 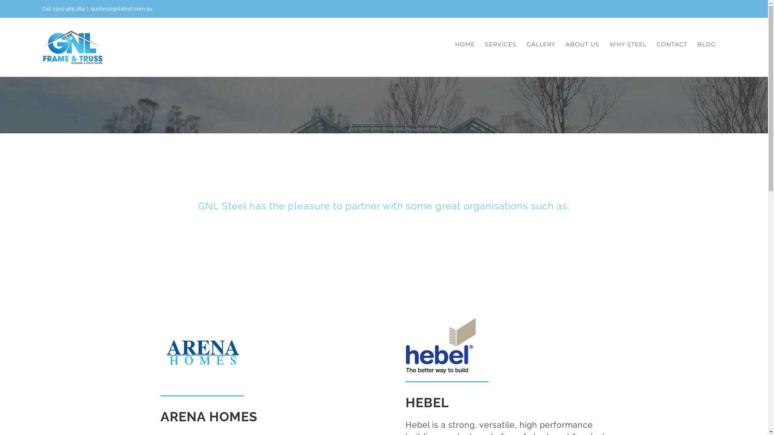 I want to click on 'Hebel-logo_header', so click(x=440, y=345).